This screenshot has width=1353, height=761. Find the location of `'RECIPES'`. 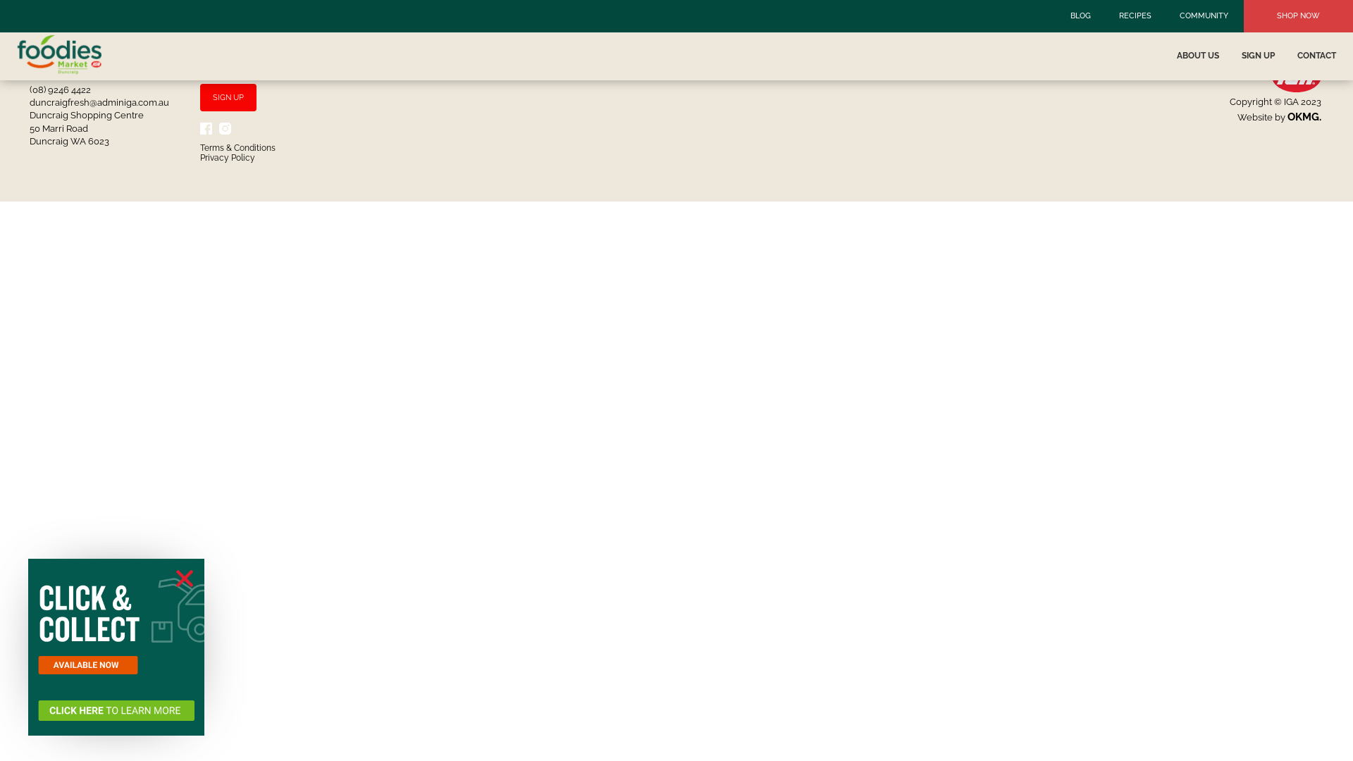

'RECIPES' is located at coordinates (1105, 16).